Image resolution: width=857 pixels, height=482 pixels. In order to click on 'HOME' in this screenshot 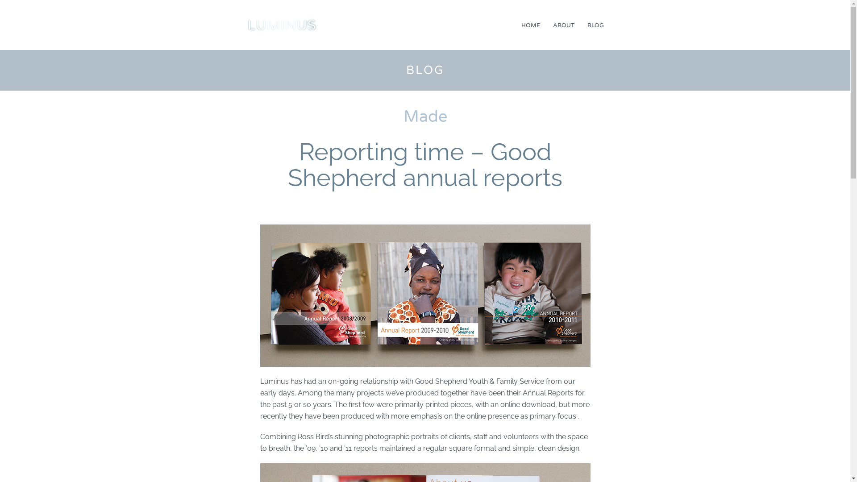, I will do `click(531, 25)`.